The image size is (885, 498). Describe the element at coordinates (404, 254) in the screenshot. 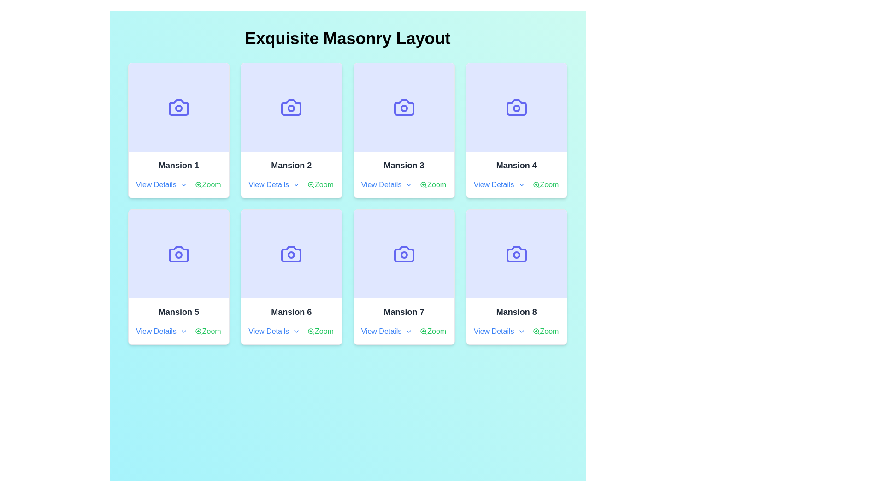

I see `the camera icon in the light indigo rectangular background of the 'Mansion 7' card, located in the second row, third column of the grid layout` at that location.